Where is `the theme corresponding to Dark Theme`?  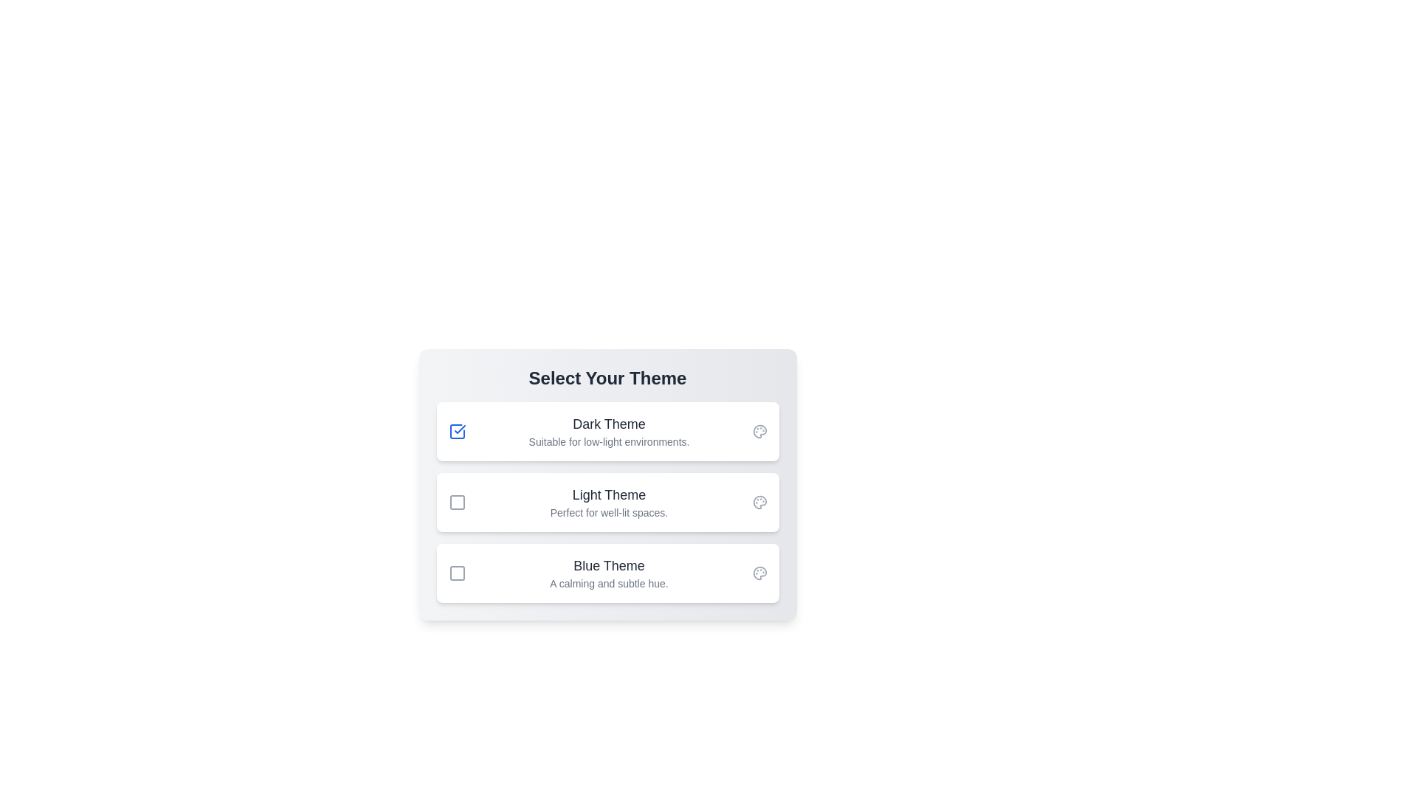 the theme corresponding to Dark Theme is located at coordinates (456, 432).